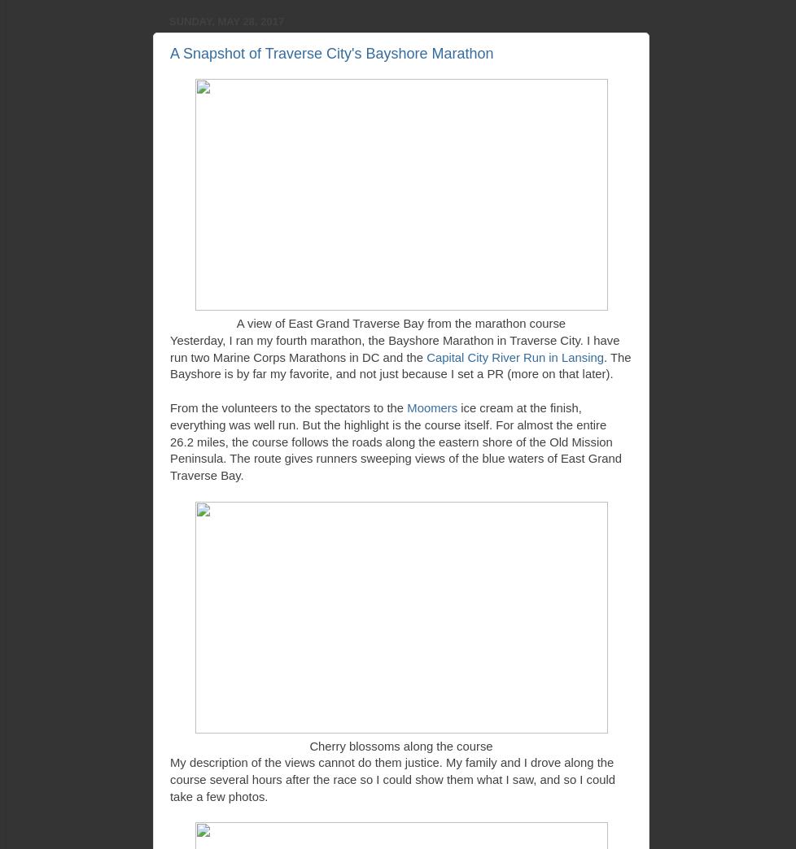 The image size is (796, 849). I want to click on 'Yesterday, I ran my fourth marathon, the Bayshore Marathon in Traverse City. I have run two Marine Corps Marathons in DC and the', so click(169, 347).